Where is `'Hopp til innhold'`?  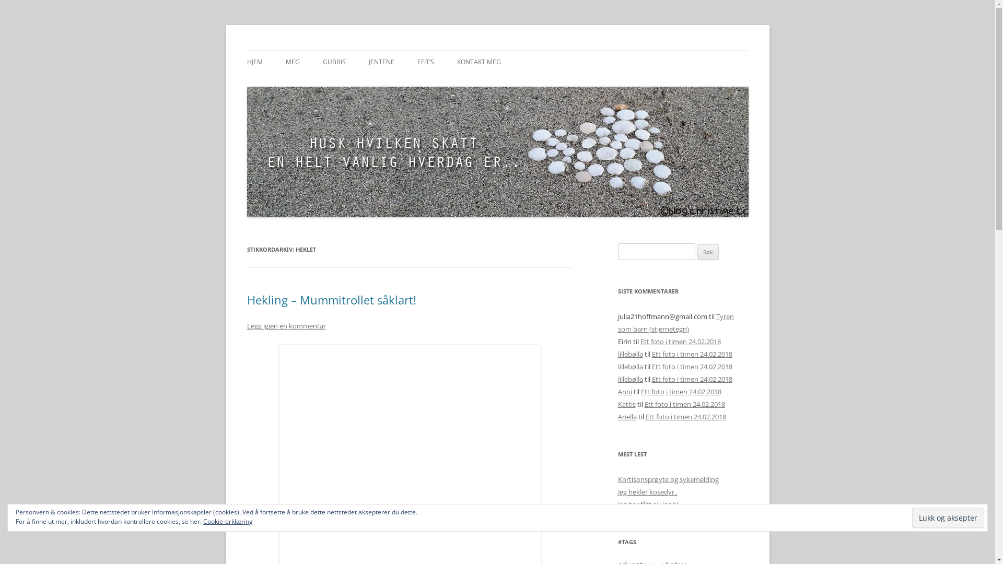
'Hopp til innhold' is located at coordinates (497, 50).